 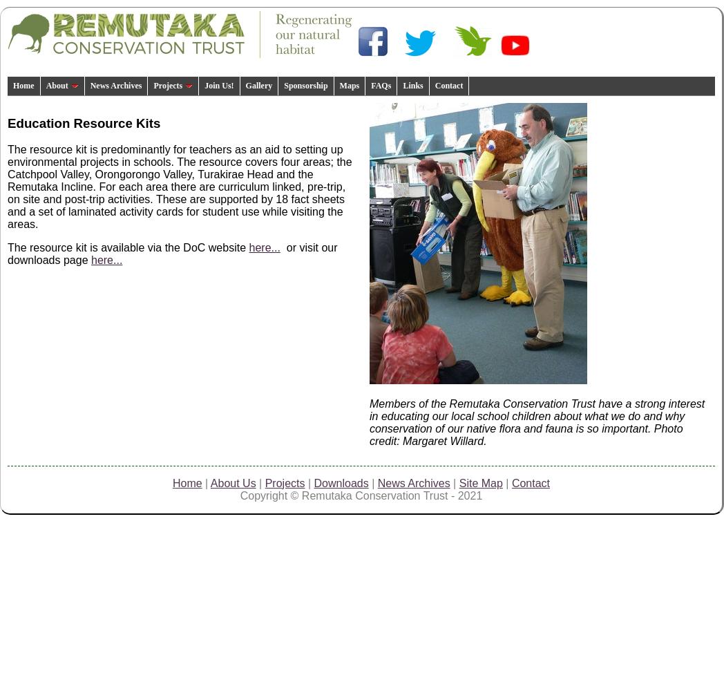 I want to click on 'or visit our downloads page', so click(x=172, y=253).